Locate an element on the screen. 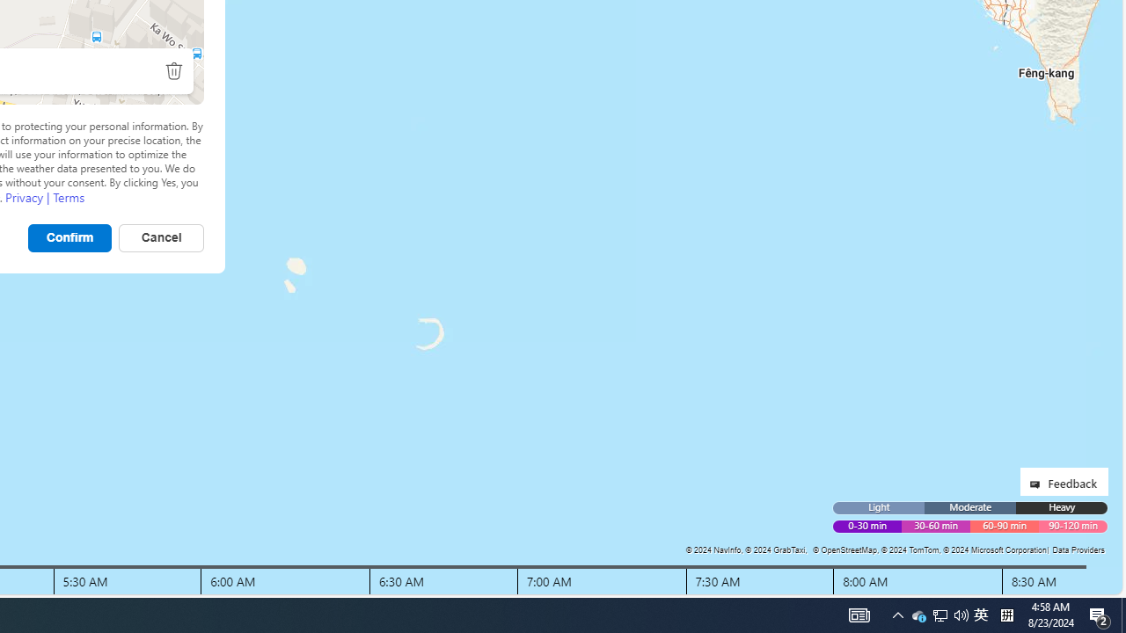 This screenshot has height=633, width=1126. 'Confirm' is located at coordinates (70, 237).